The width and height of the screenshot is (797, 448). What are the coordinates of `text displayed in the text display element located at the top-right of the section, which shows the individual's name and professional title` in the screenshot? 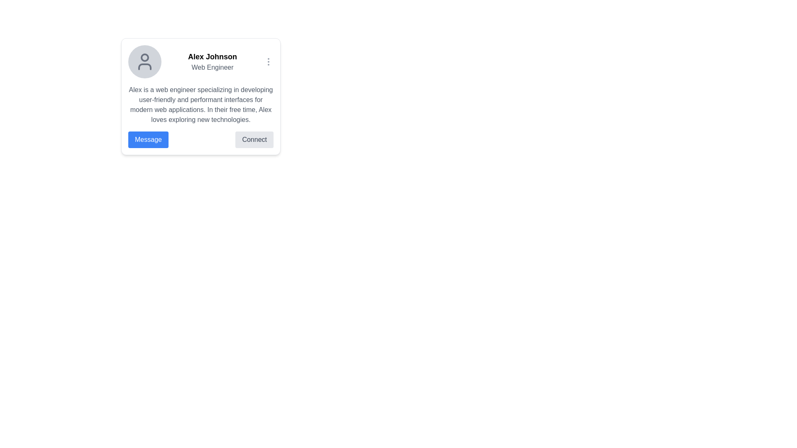 It's located at (213, 61).